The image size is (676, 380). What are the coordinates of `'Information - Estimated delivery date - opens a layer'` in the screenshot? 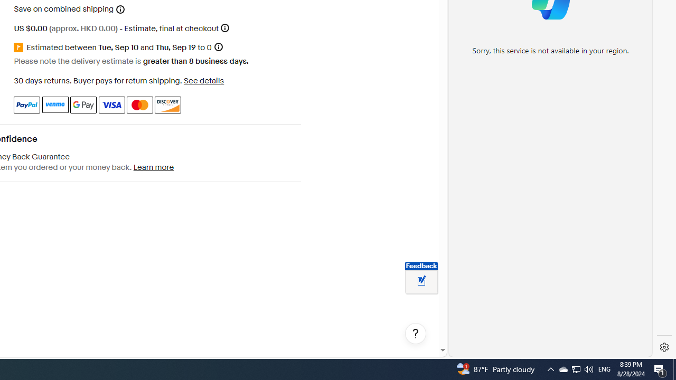 It's located at (218, 46).